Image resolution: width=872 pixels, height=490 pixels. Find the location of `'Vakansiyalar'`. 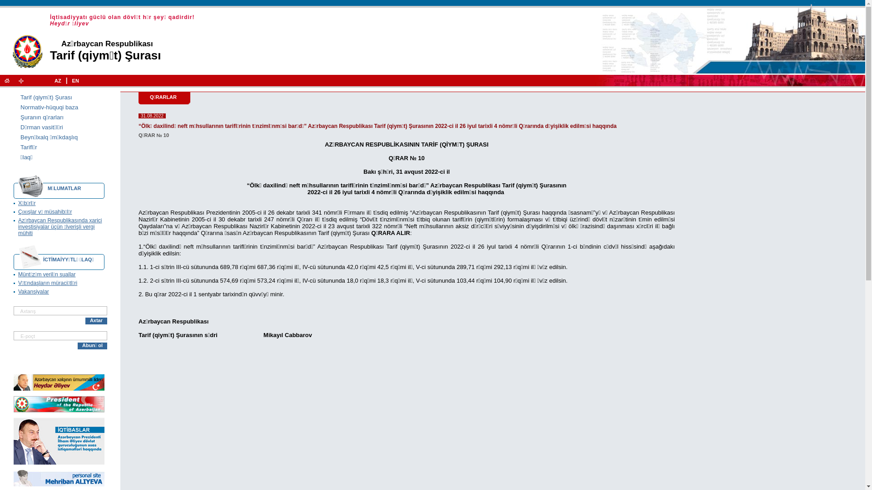

'Vakansiyalar' is located at coordinates (33, 292).